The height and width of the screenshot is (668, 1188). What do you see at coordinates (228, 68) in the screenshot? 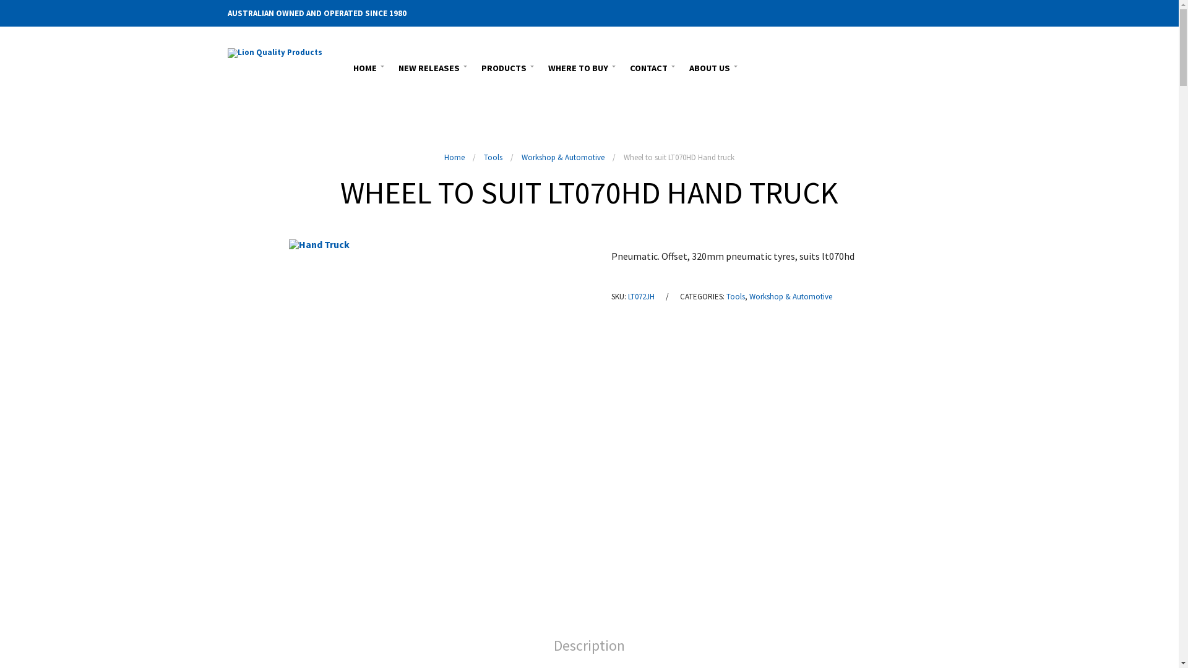
I see `'Lion (Aust) Consolidated P/L'` at bounding box center [228, 68].